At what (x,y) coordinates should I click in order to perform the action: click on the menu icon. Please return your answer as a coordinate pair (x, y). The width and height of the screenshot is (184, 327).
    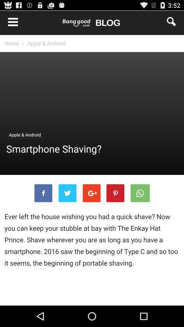
    Looking at the image, I should click on (9, 23).